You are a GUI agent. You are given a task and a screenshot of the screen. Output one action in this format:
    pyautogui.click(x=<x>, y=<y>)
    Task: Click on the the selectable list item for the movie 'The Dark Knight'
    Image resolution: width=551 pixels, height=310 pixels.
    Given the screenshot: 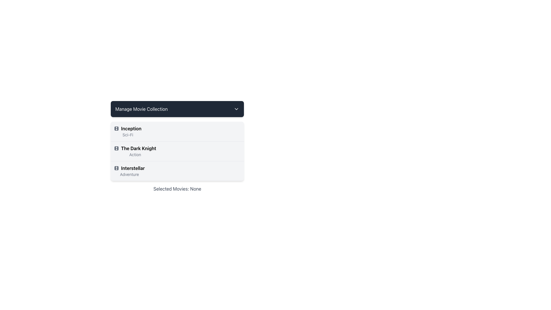 What is the action you would take?
    pyautogui.click(x=177, y=146)
    